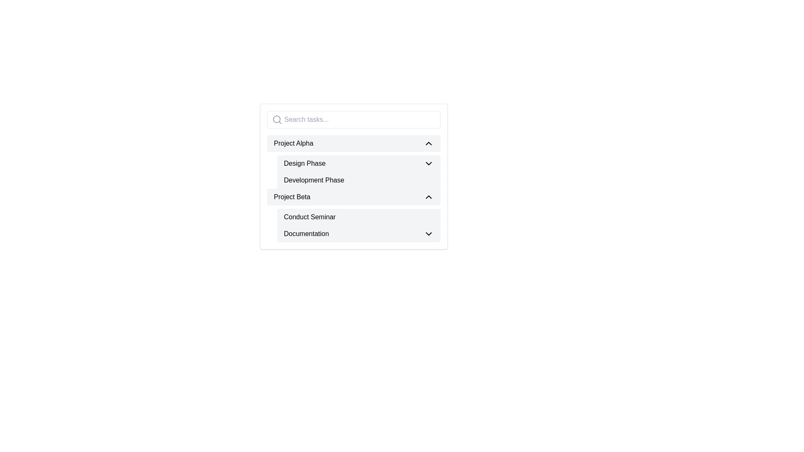  Describe the element at coordinates (353, 225) in the screenshot. I see `the Dropdown menu header labeled 'Conduct Seminar' and 'Documentation' for keyboard interaction` at that location.